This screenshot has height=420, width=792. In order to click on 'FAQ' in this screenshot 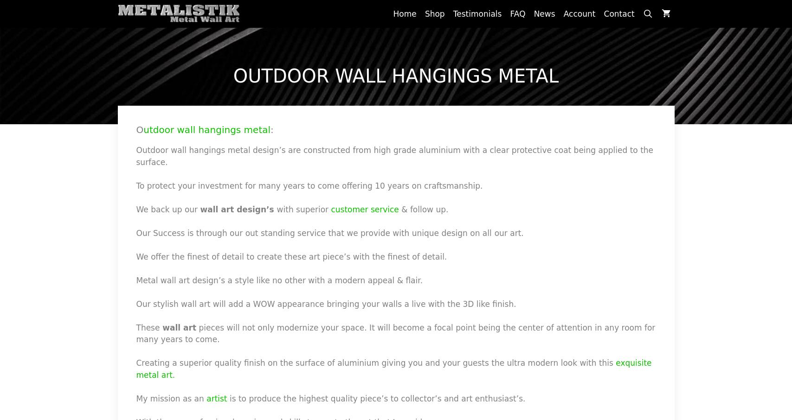, I will do `click(517, 13)`.